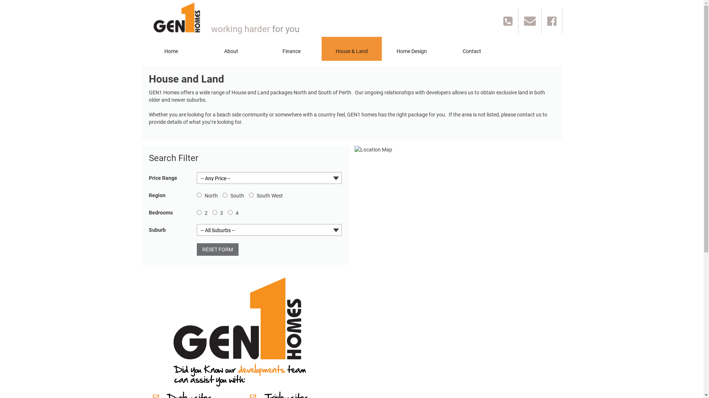  I want to click on 'Home Design', so click(411, 50).